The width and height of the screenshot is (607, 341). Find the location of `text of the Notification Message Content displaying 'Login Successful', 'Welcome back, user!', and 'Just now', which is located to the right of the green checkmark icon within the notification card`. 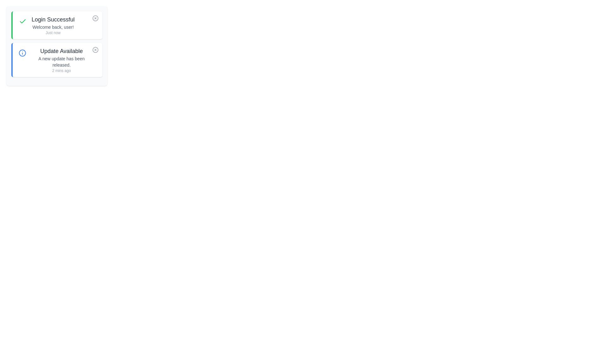

text of the Notification Message Content displaying 'Login Successful', 'Welcome back, user!', and 'Just now', which is located to the right of the green checkmark icon within the notification card is located at coordinates (53, 25).